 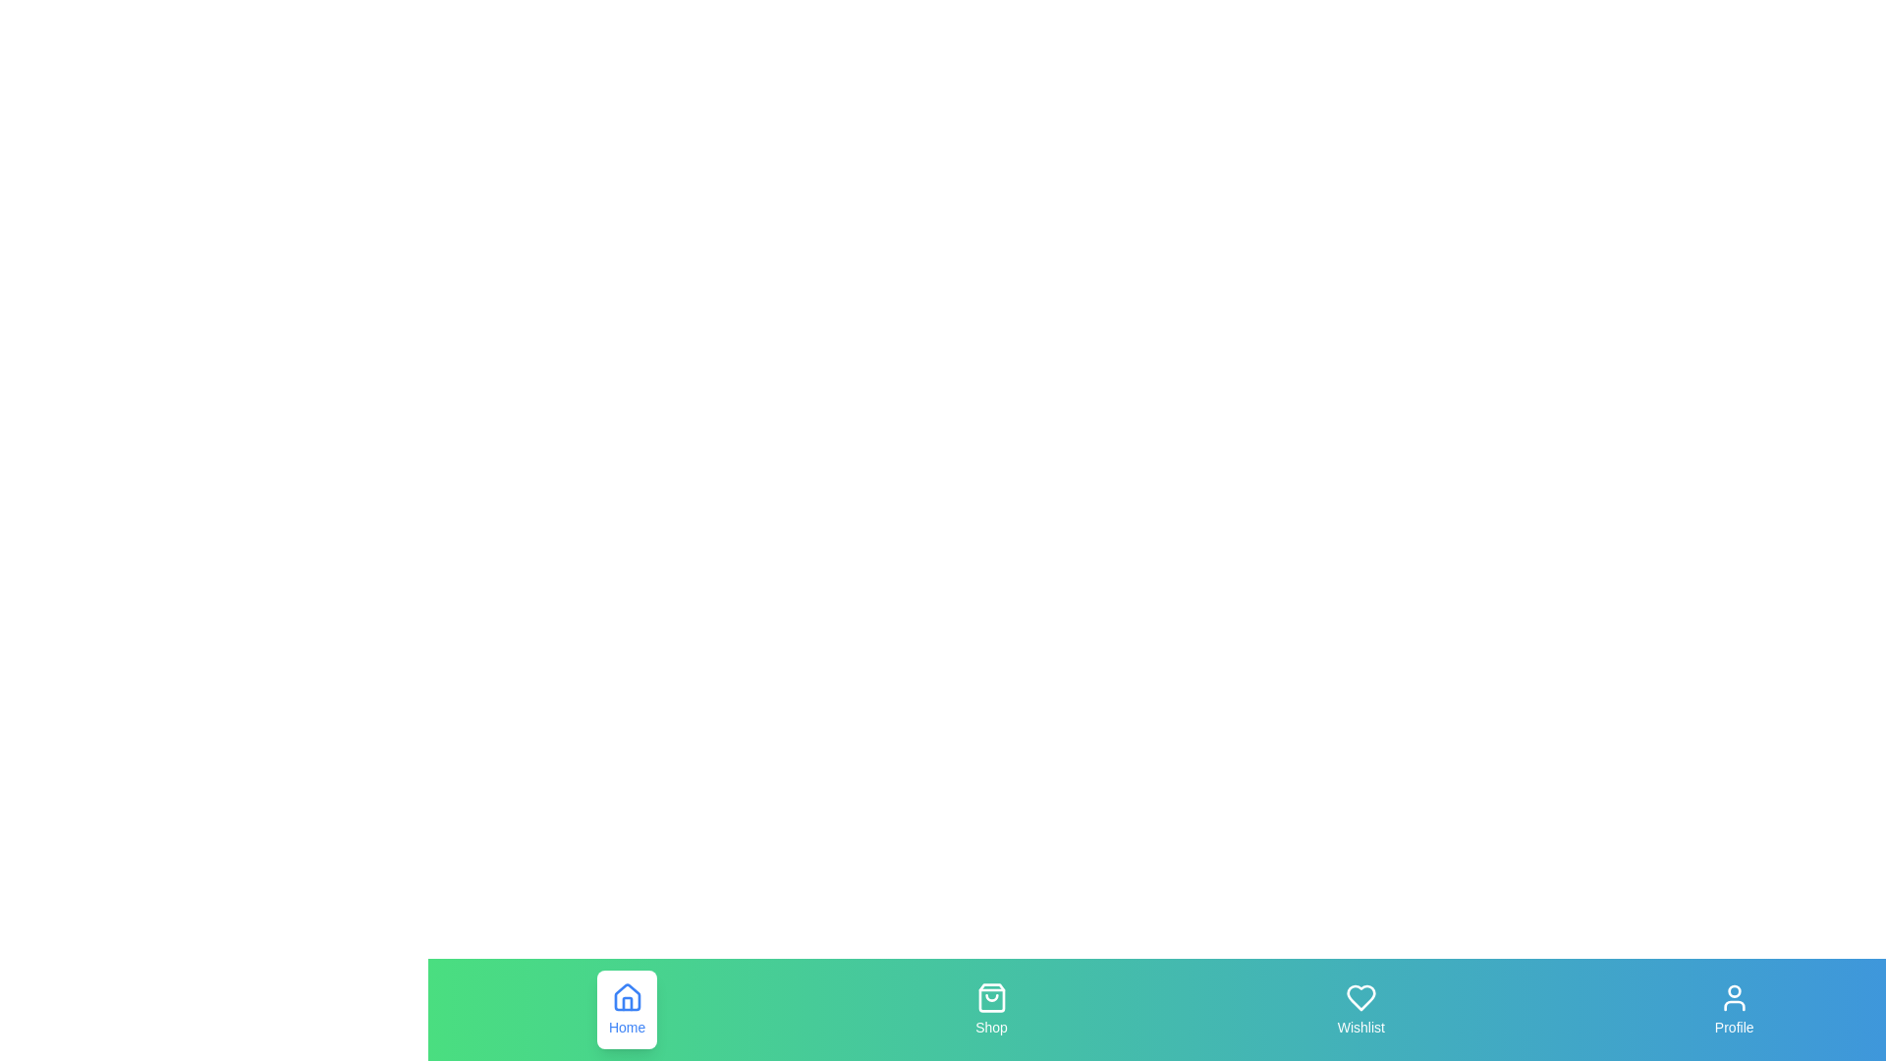 I want to click on the tab labeled Shop to observe the animation effect, so click(x=991, y=1010).